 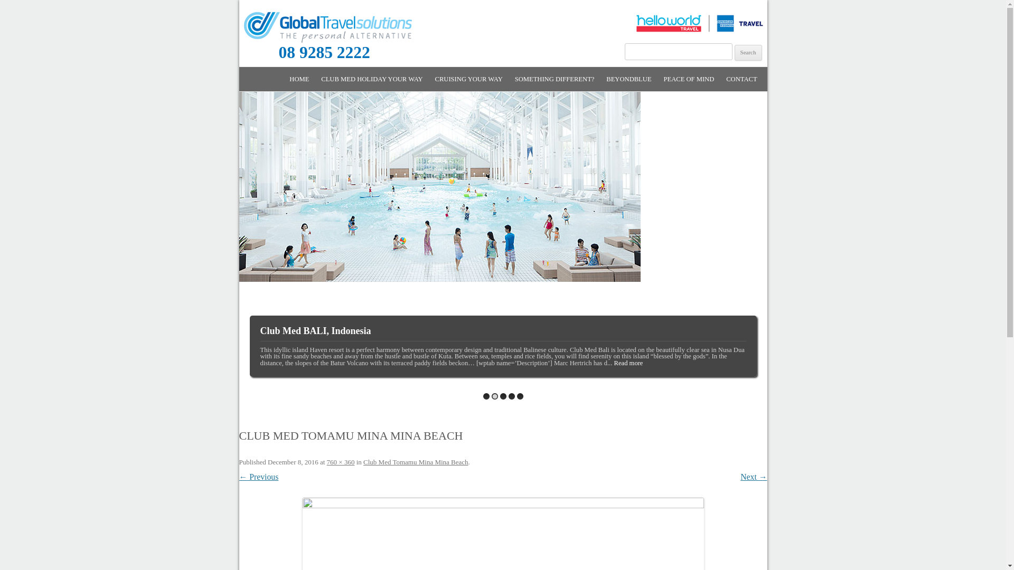 What do you see at coordinates (372, 79) in the screenshot?
I see `'CLUB MED HOLIDAY YOUR WAY'` at bounding box center [372, 79].